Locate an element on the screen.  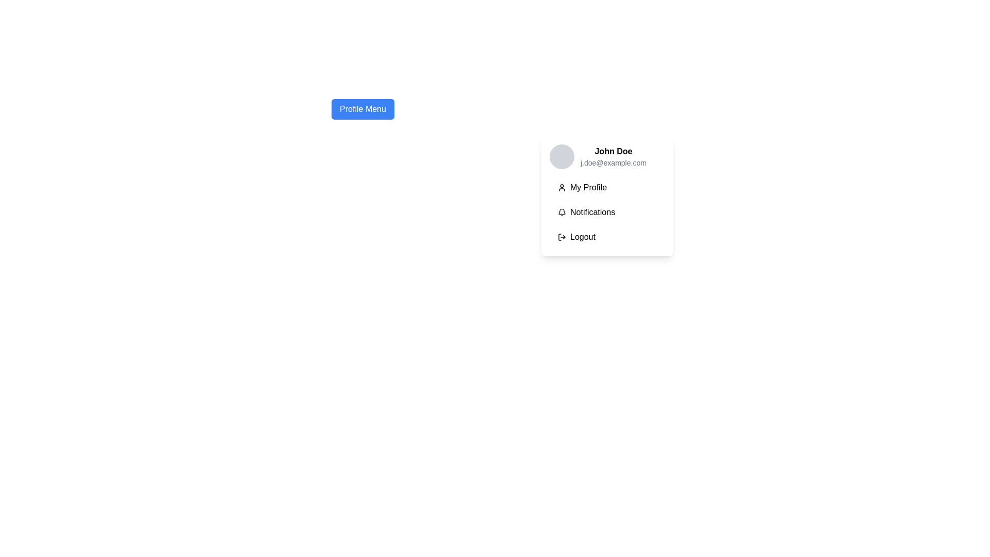
the 'Notifications' button, which features a black bell icon and is located directly beneath 'My Profile' in the dropdown menu is located at coordinates (607, 212).